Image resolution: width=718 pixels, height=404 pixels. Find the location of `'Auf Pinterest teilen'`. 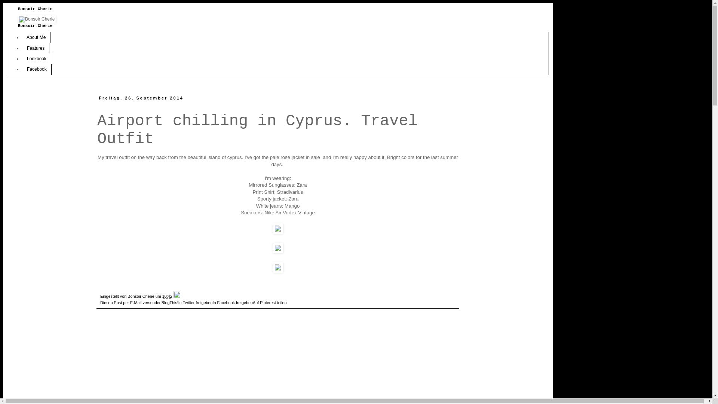

'Auf Pinterest teilen' is located at coordinates (253, 302).